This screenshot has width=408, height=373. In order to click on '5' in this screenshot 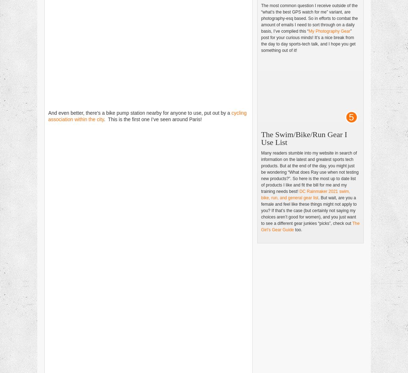, I will do `click(351, 117)`.